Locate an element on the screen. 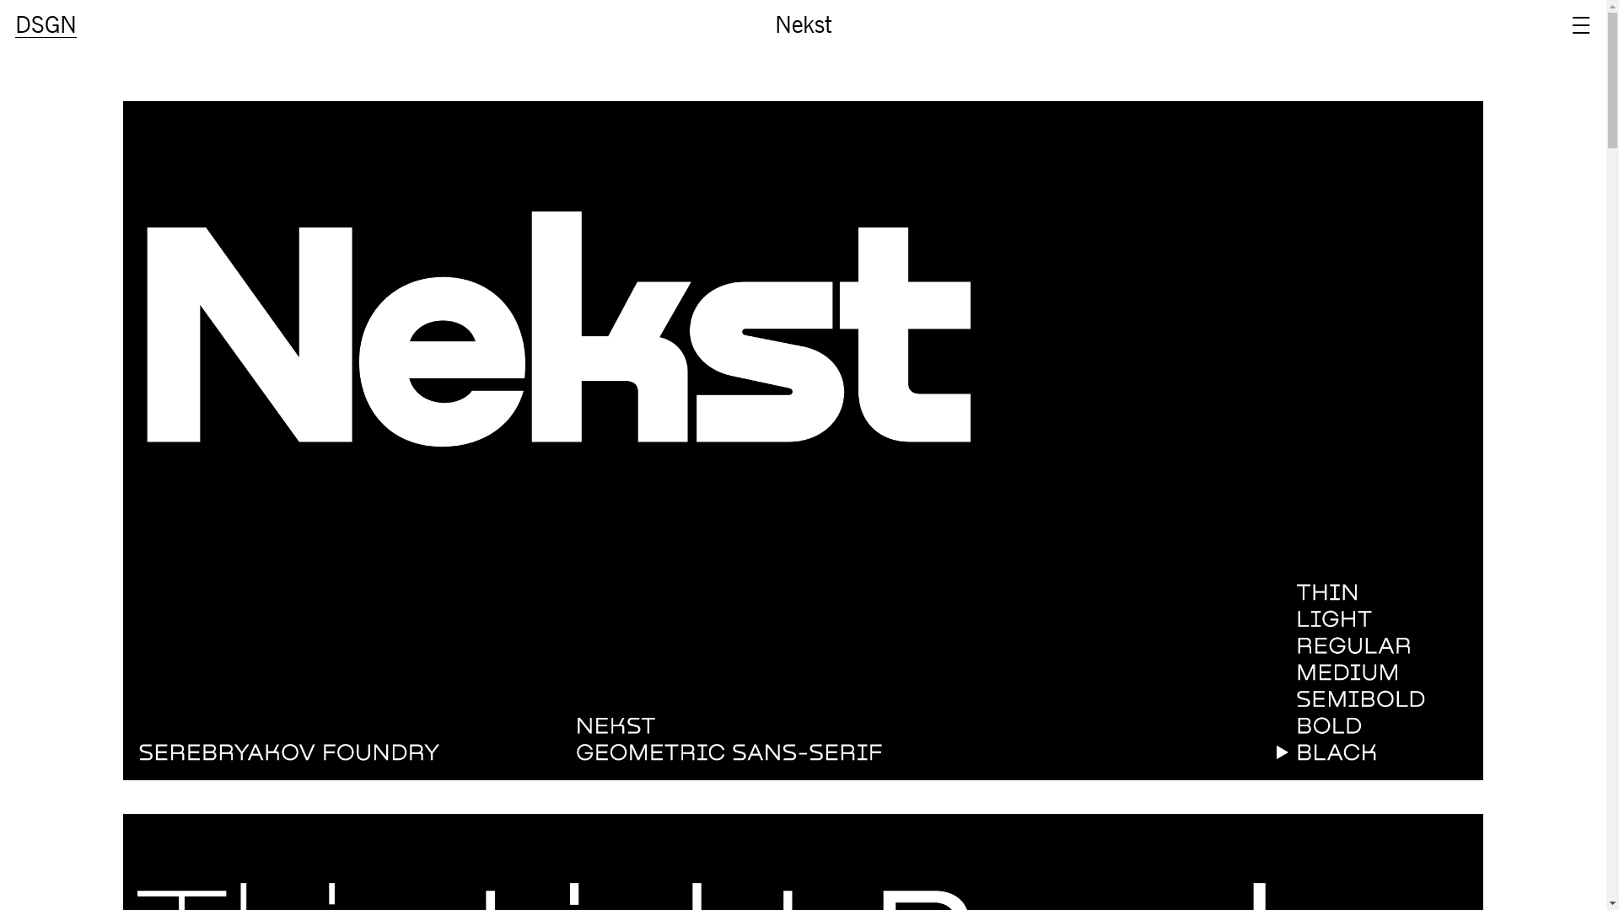 Image resolution: width=1619 pixels, height=910 pixels. 'DSGN' is located at coordinates (47, 25).